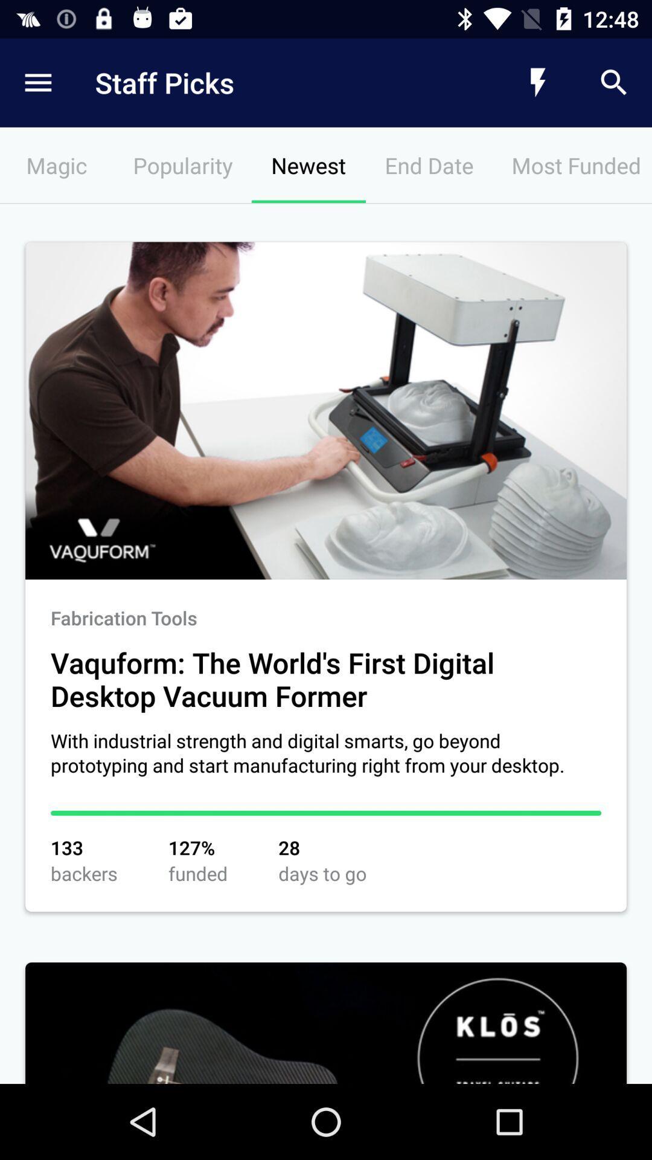 The width and height of the screenshot is (652, 1160). I want to click on icon to the left of the staff picks icon, so click(37, 82).